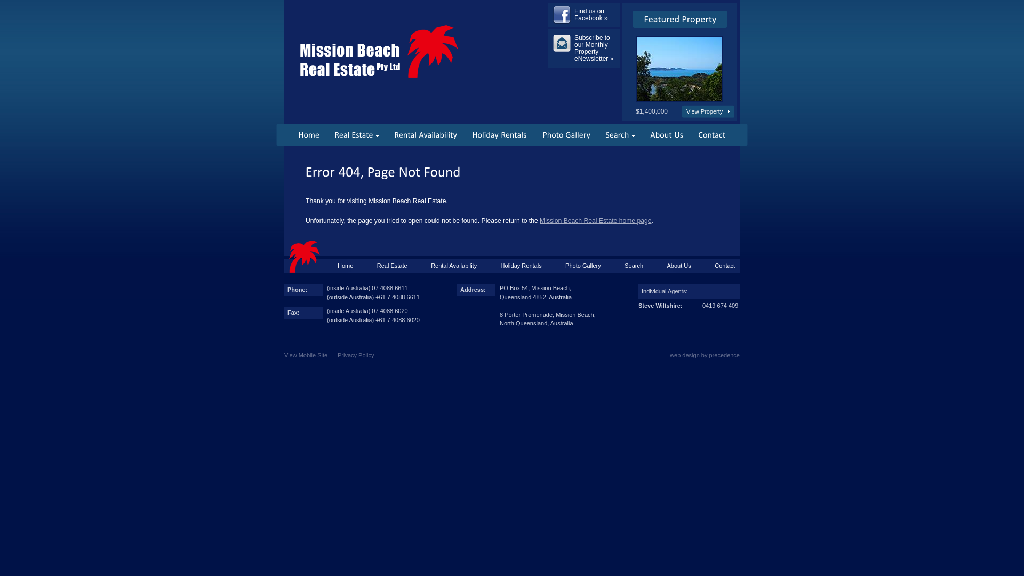  Describe the element at coordinates (500, 265) in the screenshot. I see `'Holiday Rentals'` at that location.